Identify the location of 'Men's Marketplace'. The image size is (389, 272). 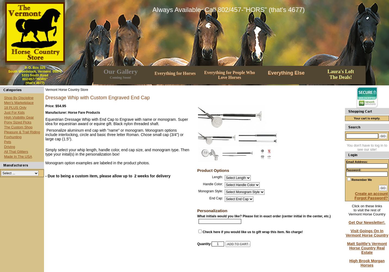
(18, 102).